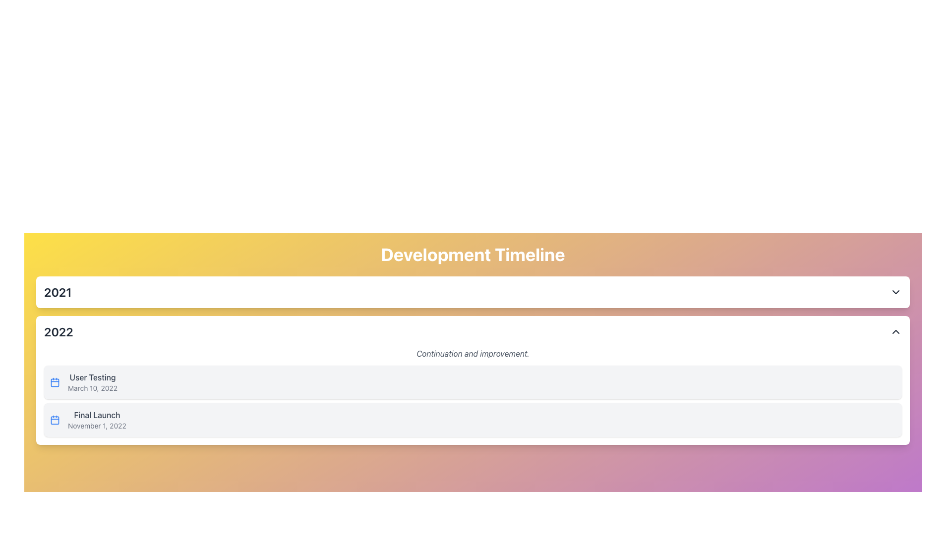  Describe the element at coordinates (54, 381) in the screenshot. I see `the blue calendar icon with rounded corners located to the left of the 'User Testing' entry in the '2022' section of the timeline` at that location.